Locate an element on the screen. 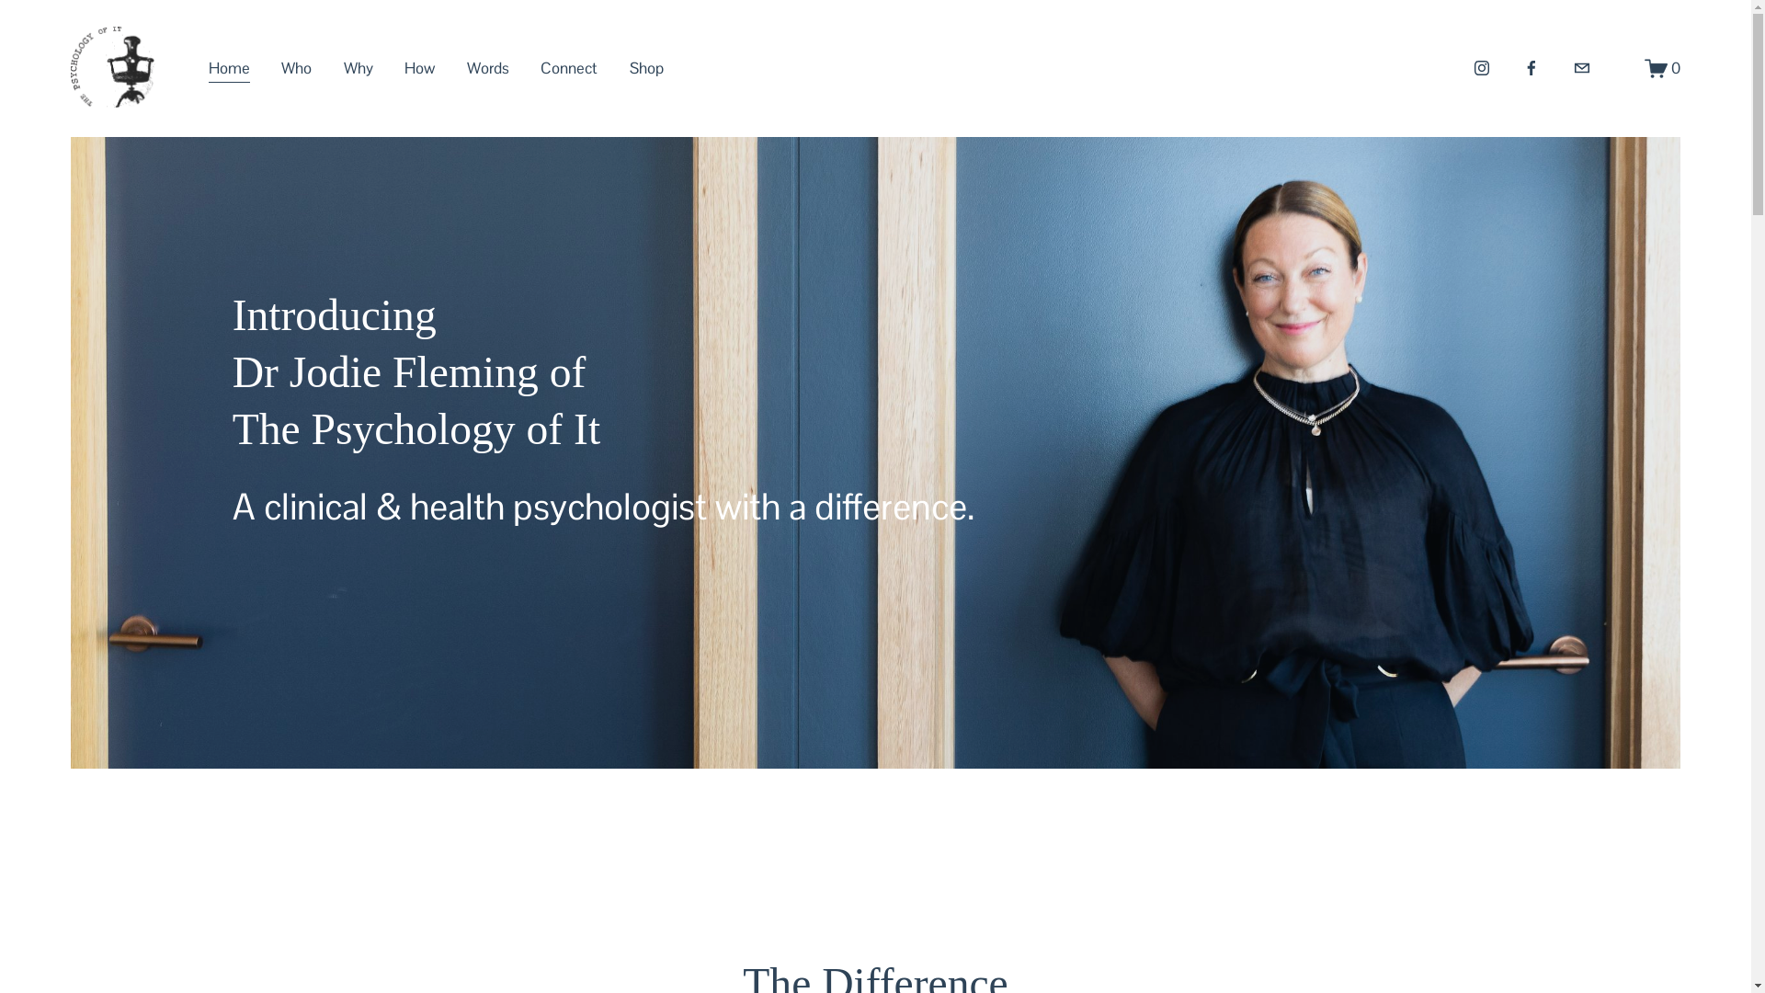 Image resolution: width=1765 pixels, height=993 pixels. 'Home' is located at coordinates (208, 66).